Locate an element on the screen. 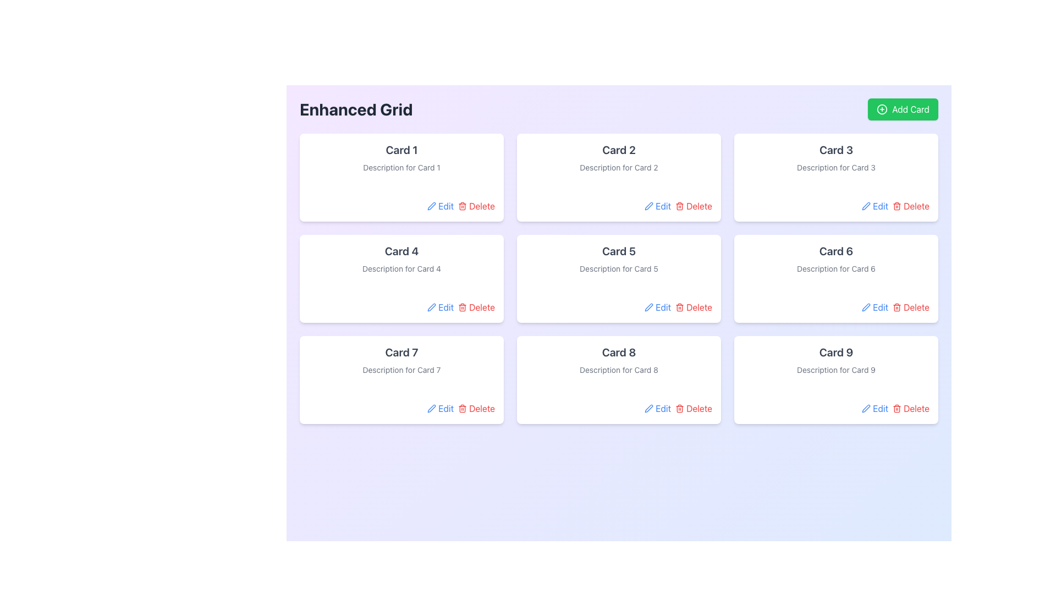 Image resolution: width=1056 pixels, height=594 pixels. the pen icon located at the top-right corner of 'Card 3' to initiate editing is located at coordinates (866, 206).